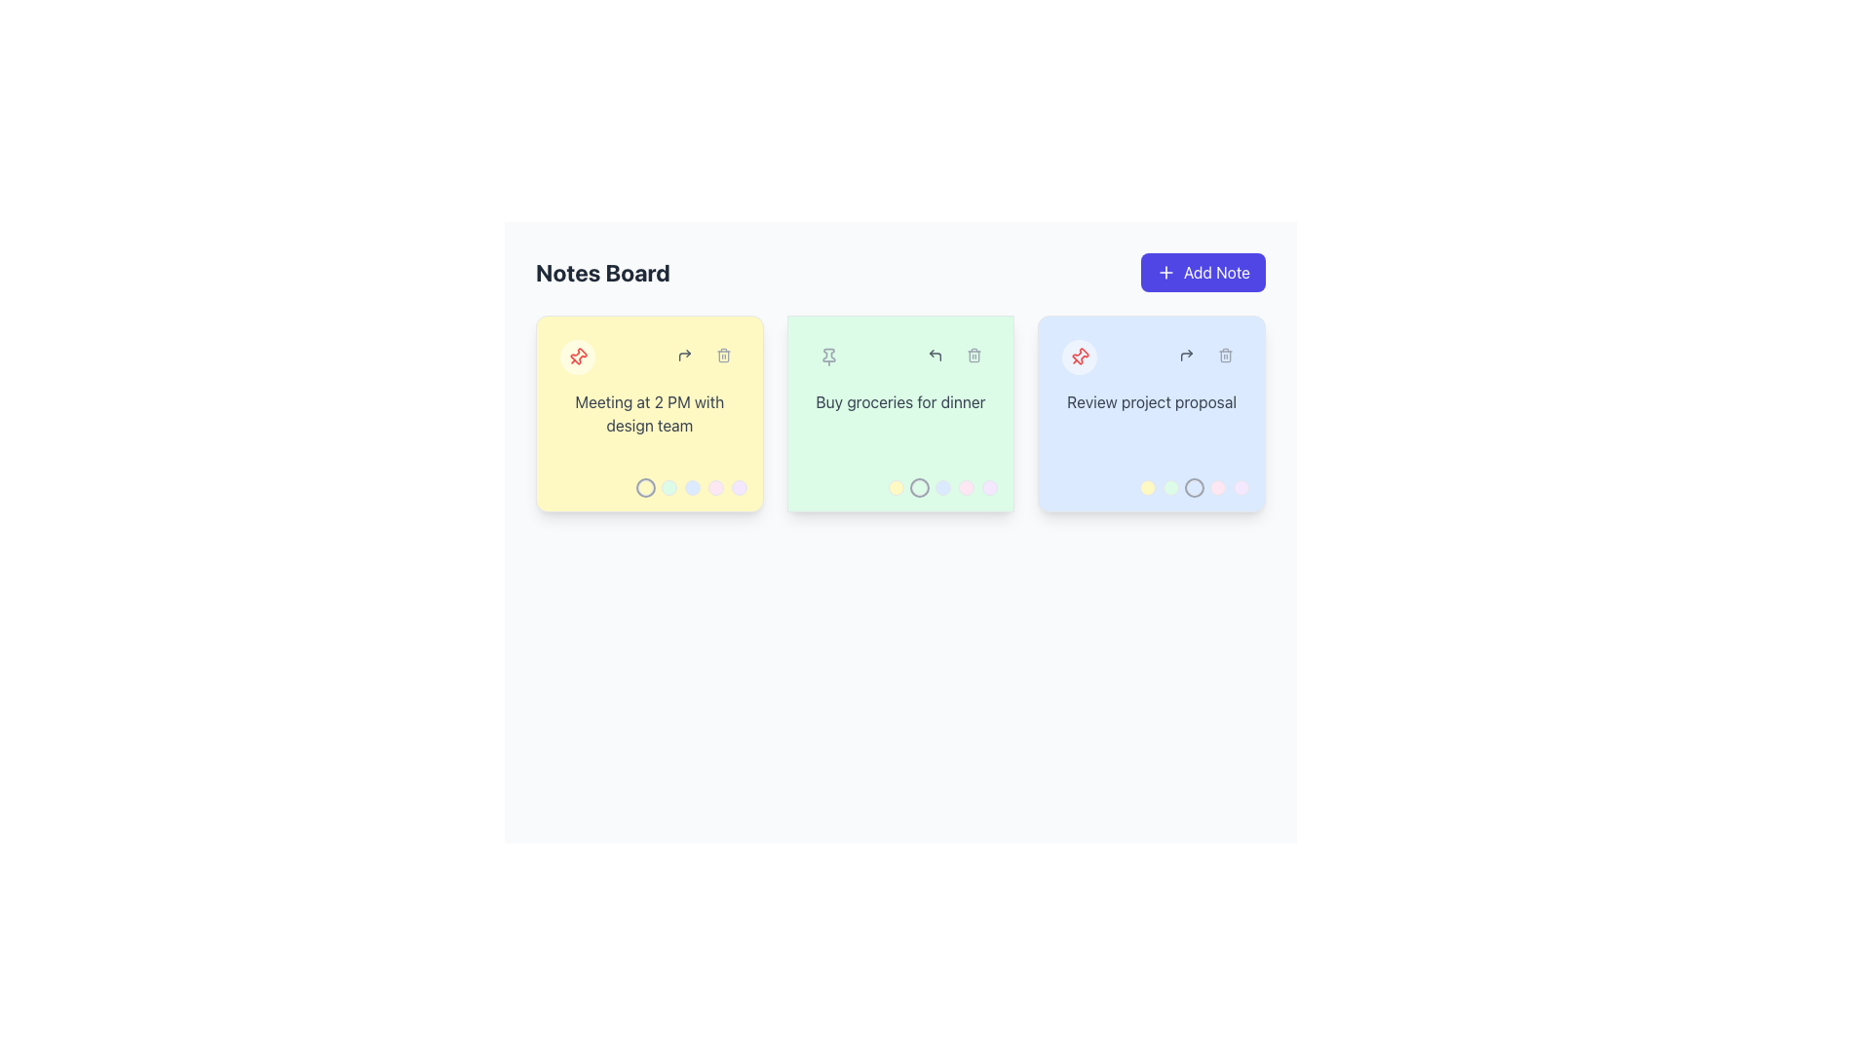  I want to click on the blue forwarding icon located at the top-right corner of the third note card on the Notes Board, so click(1186, 356).